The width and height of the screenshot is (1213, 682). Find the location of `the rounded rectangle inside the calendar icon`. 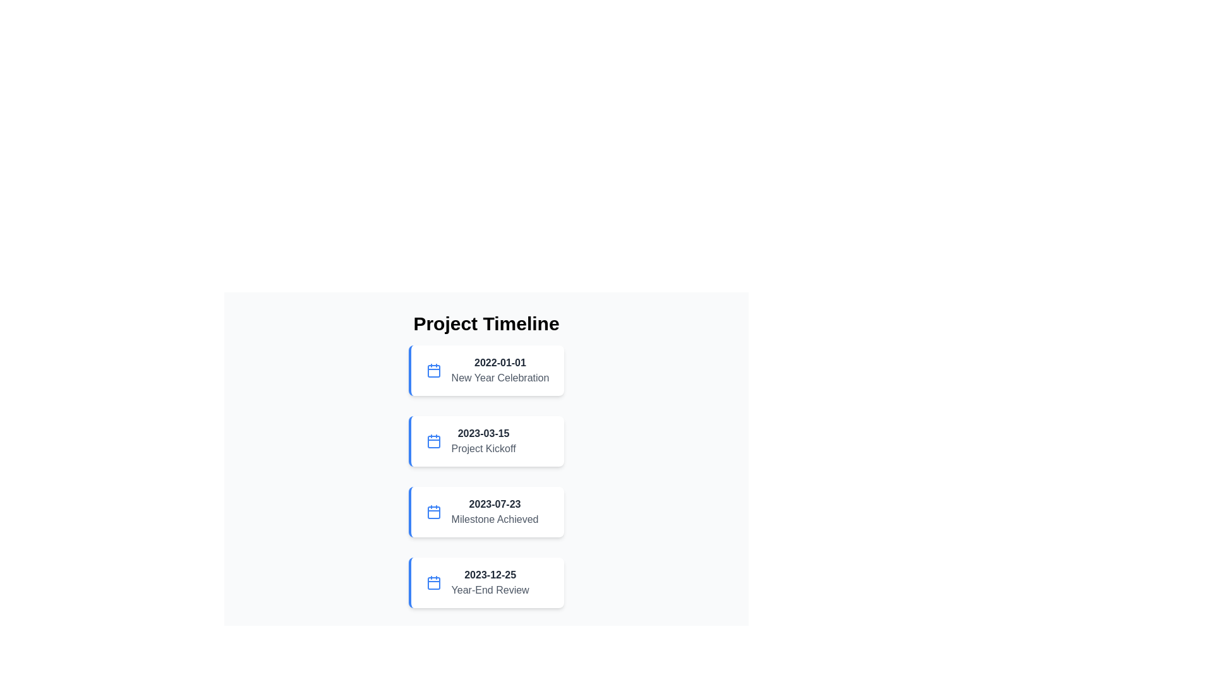

the rounded rectangle inside the calendar icon is located at coordinates (433, 441).